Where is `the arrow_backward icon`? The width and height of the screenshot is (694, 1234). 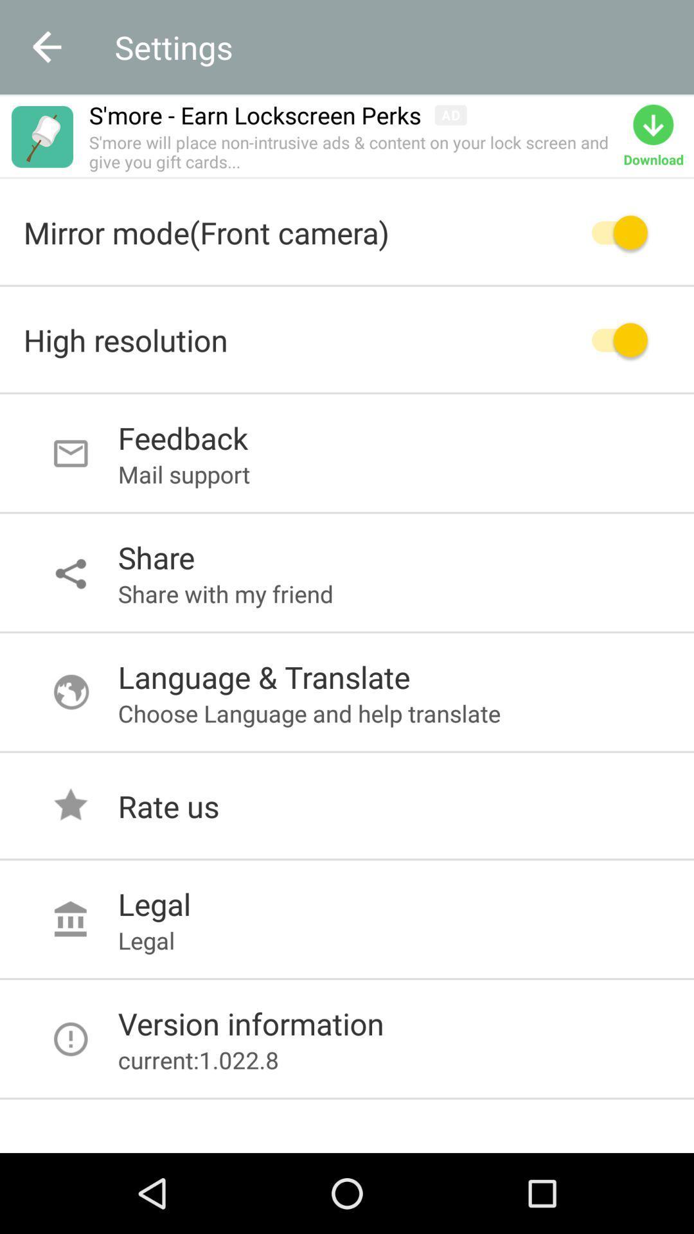
the arrow_backward icon is located at coordinates (46, 47).